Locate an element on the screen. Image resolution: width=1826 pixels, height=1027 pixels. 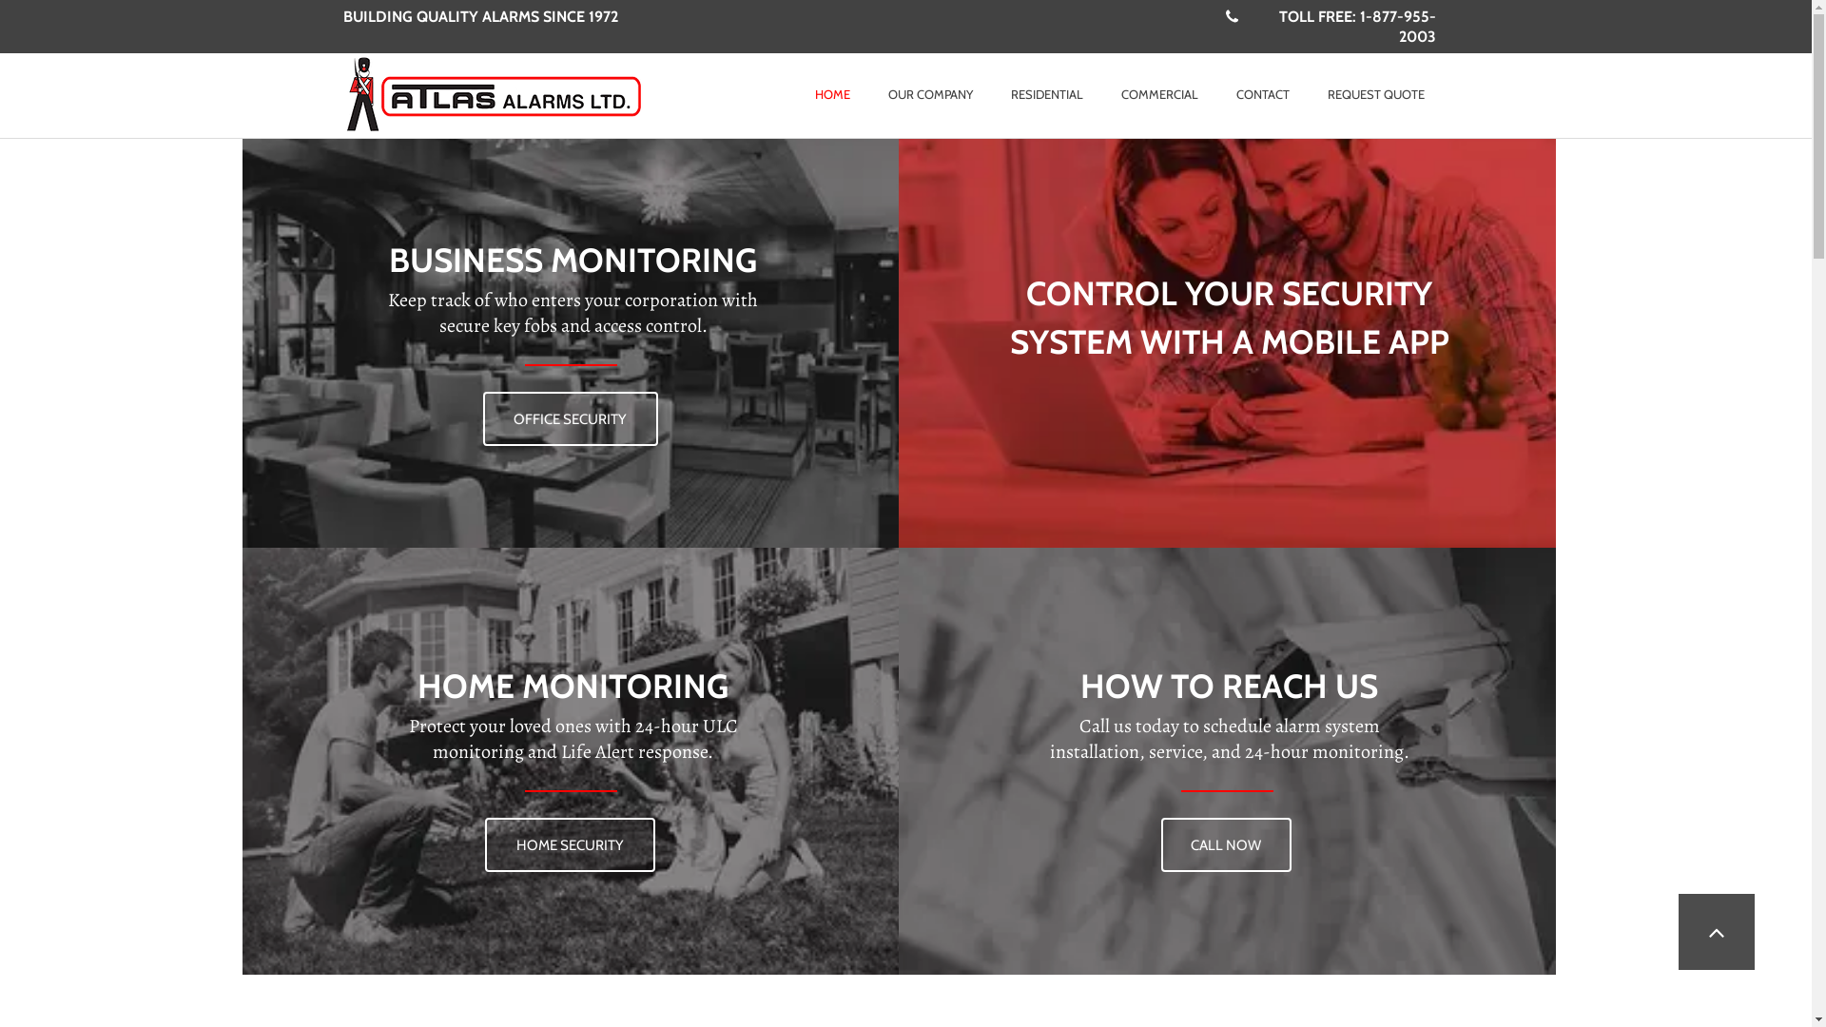
'OFFICE SECURITY' is located at coordinates (570, 437).